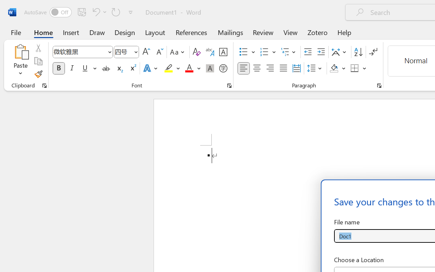 This screenshot has height=272, width=435. What do you see at coordinates (95, 12) in the screenshot?
I see `'Undo <ApplyStyleToDoc>b__0'` at bounding box center [95, 12].